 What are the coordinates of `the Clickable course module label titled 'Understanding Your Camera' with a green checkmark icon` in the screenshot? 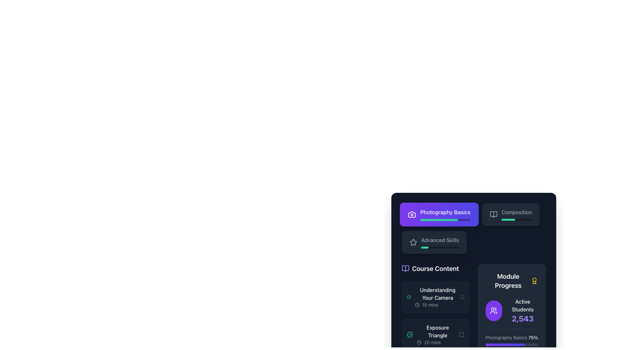 It's located at (433, 297).